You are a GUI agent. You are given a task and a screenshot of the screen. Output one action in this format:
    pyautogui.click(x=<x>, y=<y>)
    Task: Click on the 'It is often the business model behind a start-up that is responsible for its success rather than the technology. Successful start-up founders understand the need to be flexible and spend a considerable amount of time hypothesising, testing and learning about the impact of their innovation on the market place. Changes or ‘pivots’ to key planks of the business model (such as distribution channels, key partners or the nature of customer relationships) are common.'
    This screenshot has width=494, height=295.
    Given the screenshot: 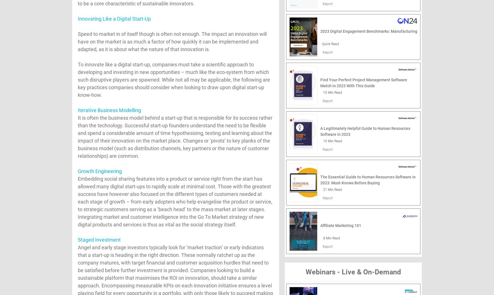 What is the action you would take?
    pyautogui.click(x=77, y=136)
    